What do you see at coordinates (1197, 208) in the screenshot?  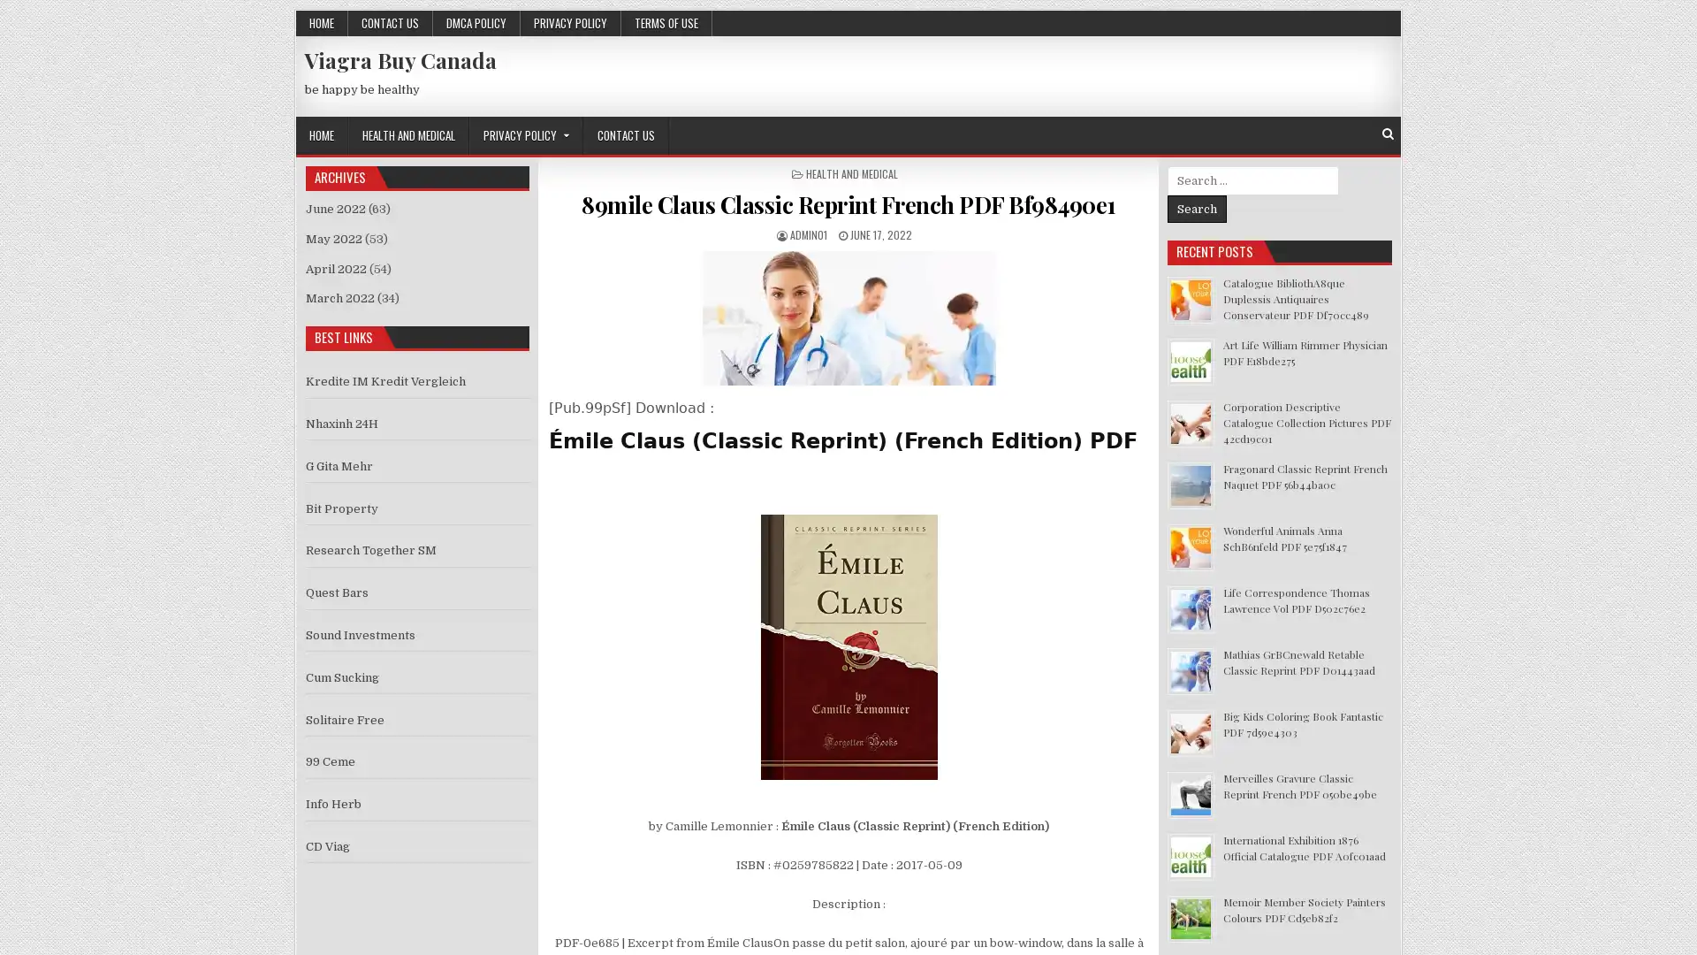 I see `Search` at bounding box center [1197, 208].